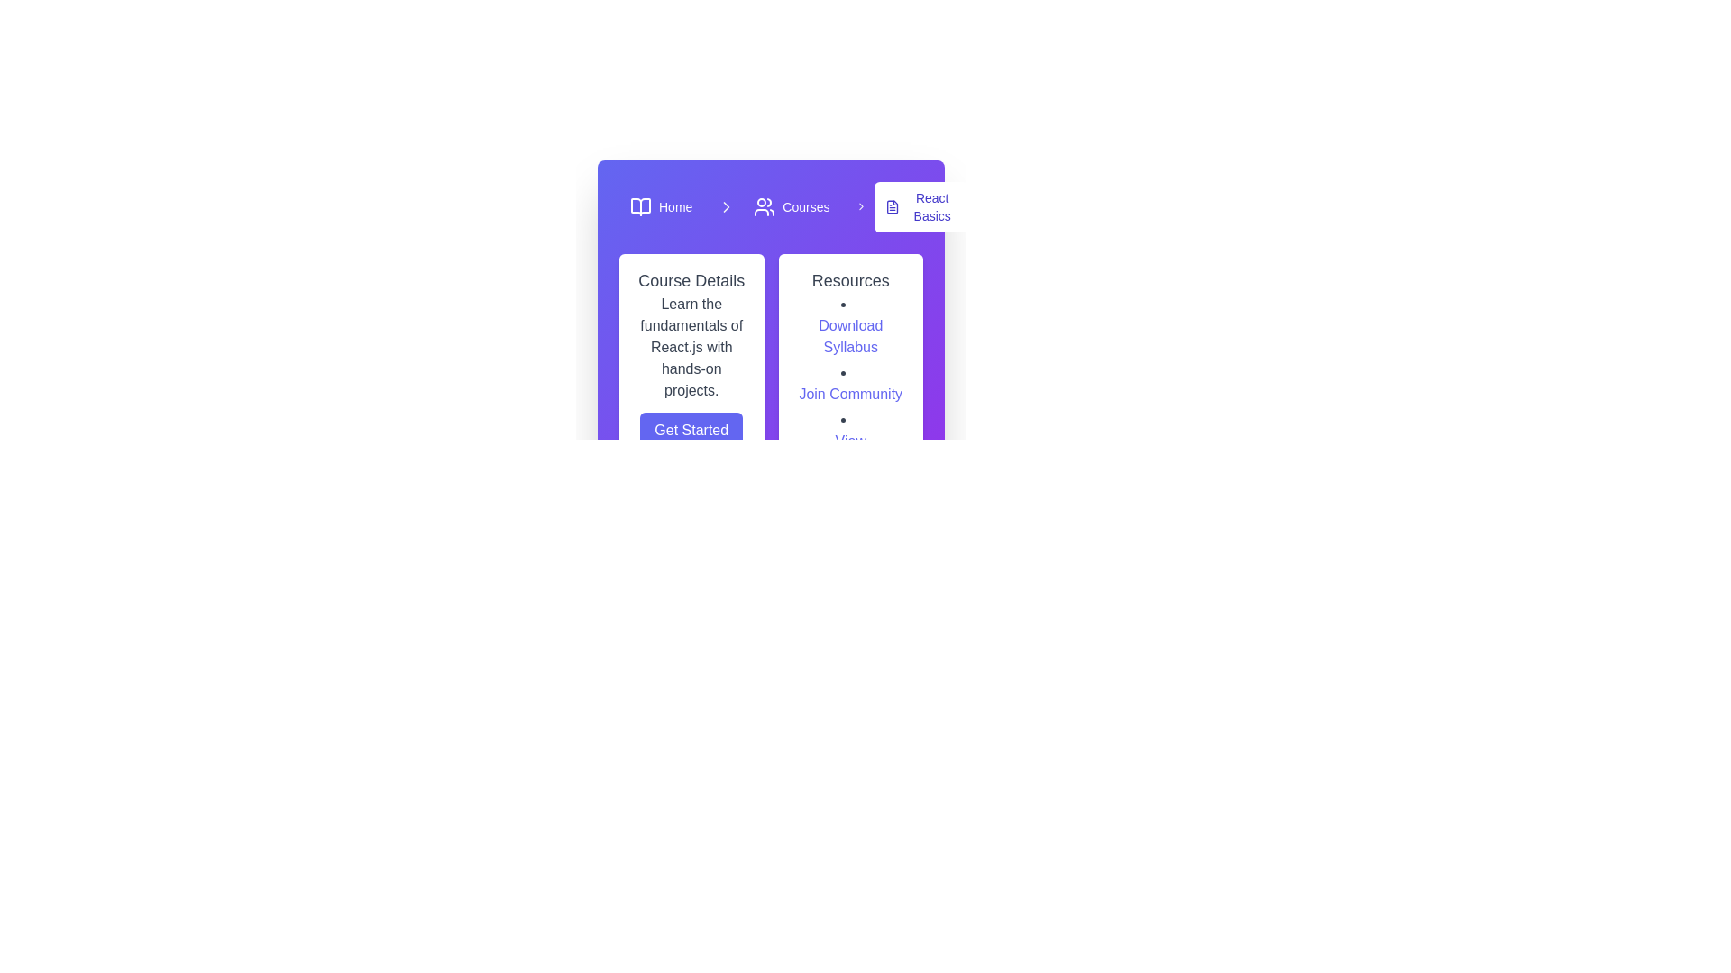 The height and width of the screenshot is (973, 1731). I want to click on the Text label (header) that identifies the 'Resources' section, which is positioned above the items 'Download Syllabus,' 'Join Community,' and 'View Assignments.', so click(849, 281).